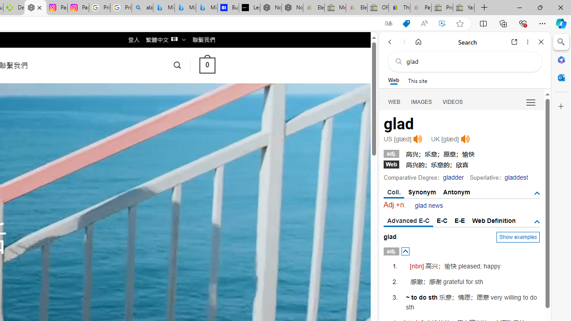 The height and width of the screenshot is (321, 571). I want to click on 'Click to listen', so click(465, 139).